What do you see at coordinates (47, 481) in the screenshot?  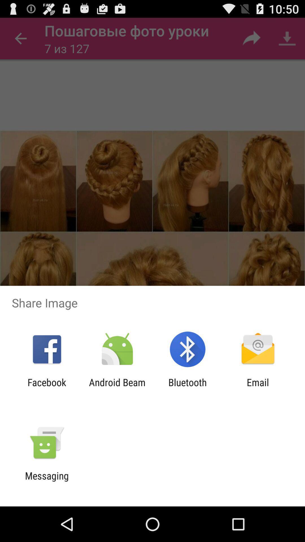 I see `messaging item` at bounding box center [47, 481].